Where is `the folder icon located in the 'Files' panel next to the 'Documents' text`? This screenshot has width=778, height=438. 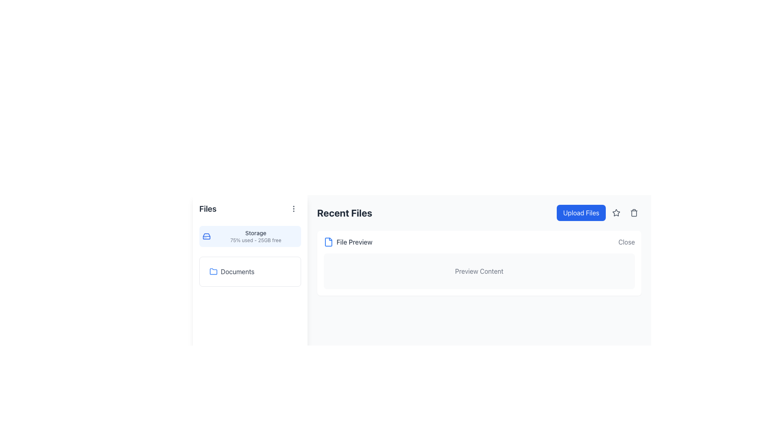 the folder icon located in the 'Files' panel next to the 'Documents' text is located at coordinates (214, 271).